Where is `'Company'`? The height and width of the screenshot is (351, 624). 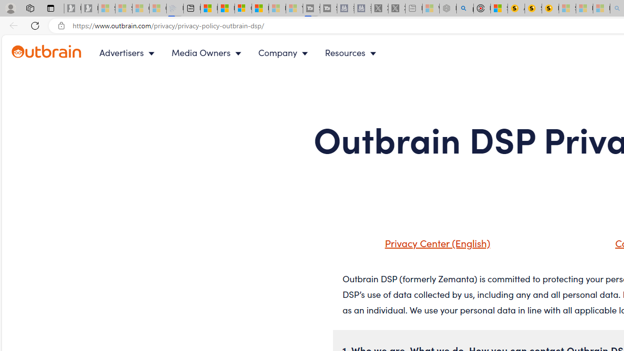 'Company' is located at coordinates (285, 53).